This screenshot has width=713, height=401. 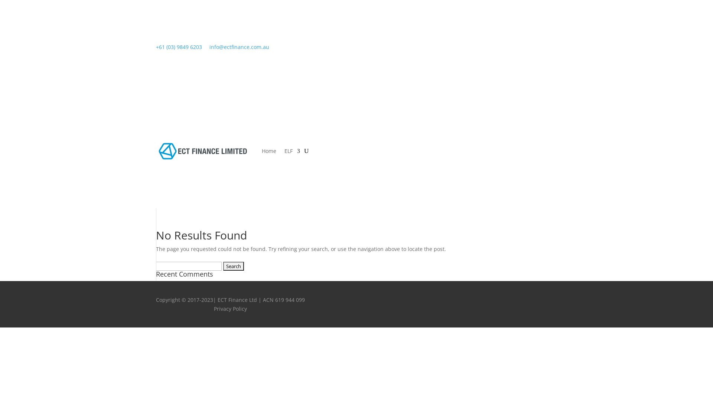 What do you see at coordinates (284, 151) in the screenshot?
I see `'ELF'` at bounding box center [284, 151].